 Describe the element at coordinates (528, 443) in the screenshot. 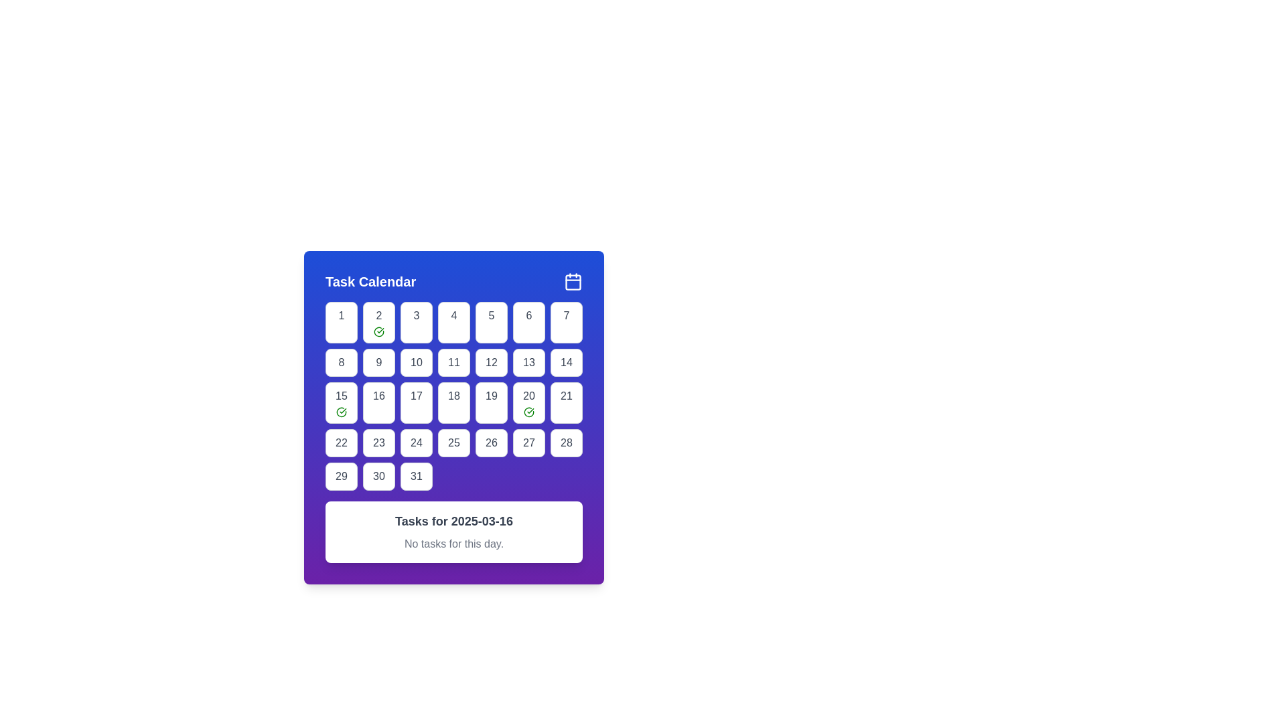

I see `the date '27' element in the calendar interface` at that location.